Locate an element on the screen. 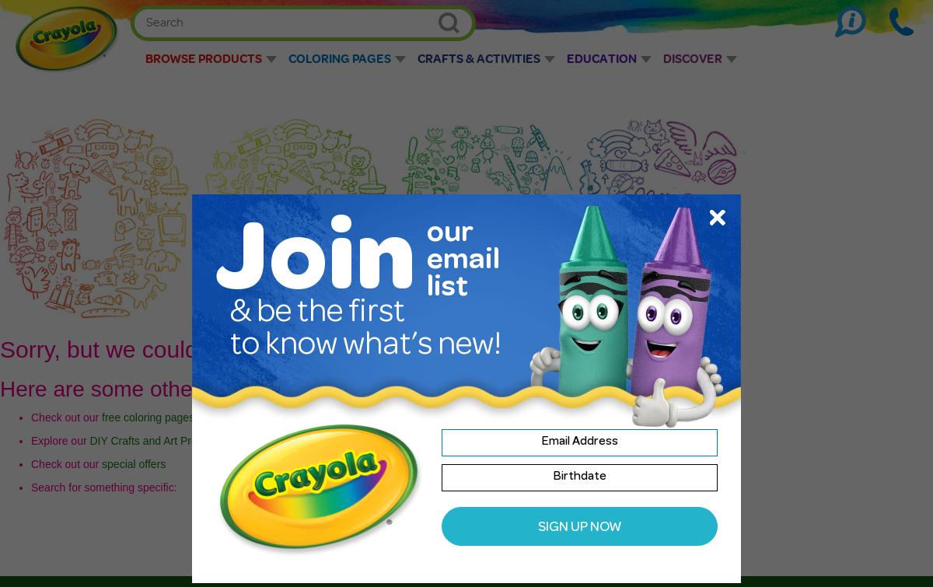 Image resolution: width=933 pixels, height=587 pixels. 'Search for something specific:' is located at coordinates (30, 485).